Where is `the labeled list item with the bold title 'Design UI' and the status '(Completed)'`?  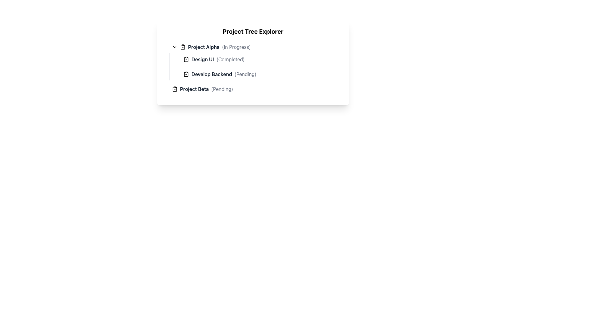
the labeled list item with the bold title 'Design UI' and the status '(Completed)' is located at coordinates (259, 59).